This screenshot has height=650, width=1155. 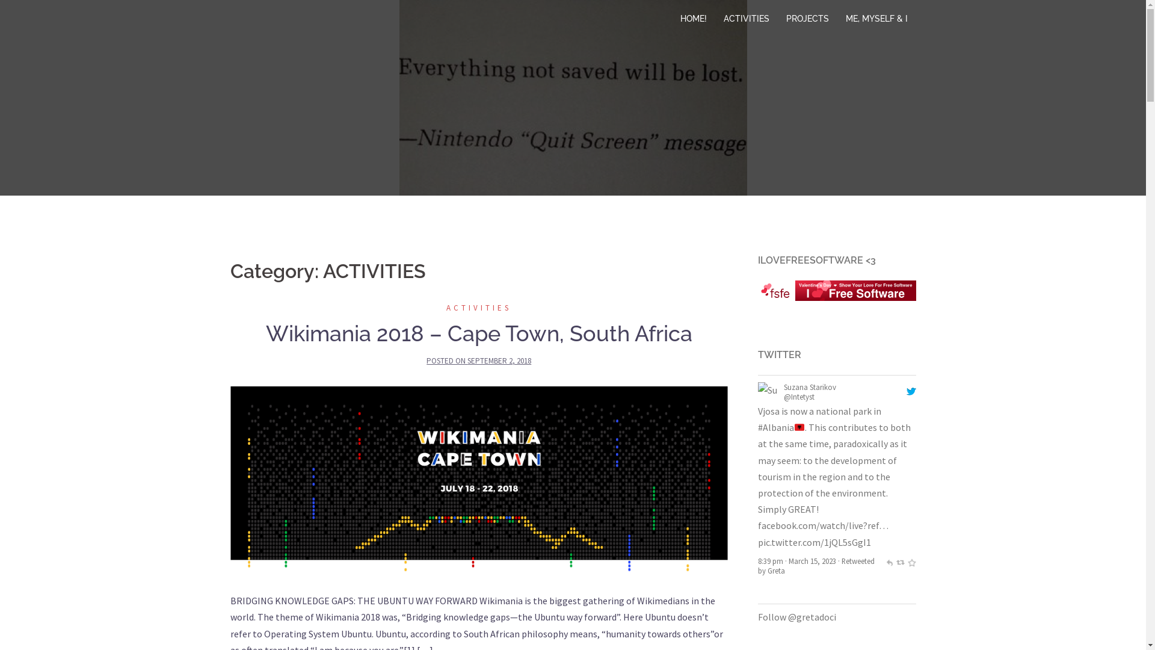 I want to click on 'Suzana Starikov', so click(x=768, y=391).